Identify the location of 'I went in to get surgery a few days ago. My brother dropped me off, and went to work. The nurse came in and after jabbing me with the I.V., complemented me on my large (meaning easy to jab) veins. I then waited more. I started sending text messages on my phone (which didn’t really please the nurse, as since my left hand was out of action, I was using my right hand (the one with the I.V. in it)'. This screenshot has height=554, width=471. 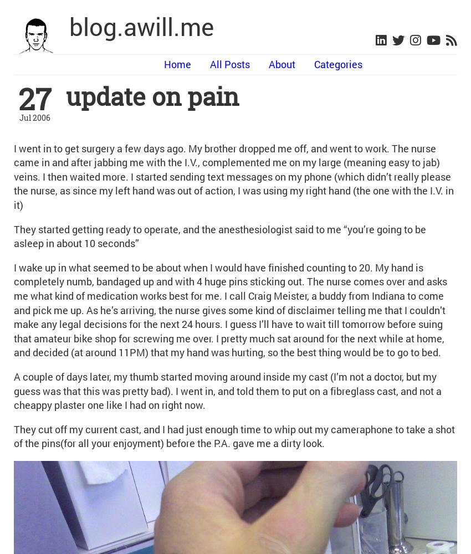
(234, 176).